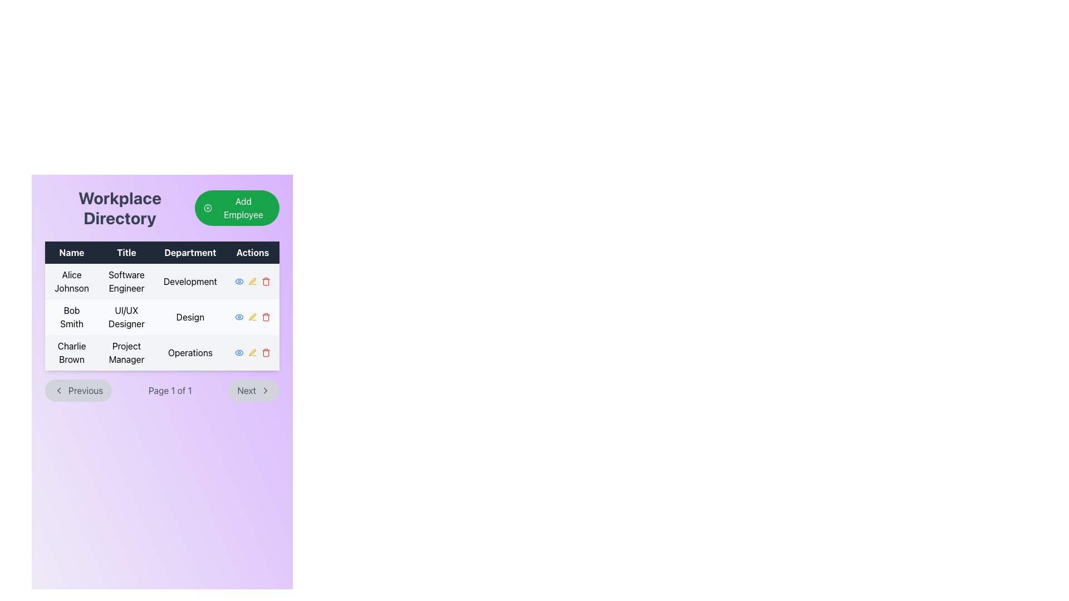  Describe the element at coordinates (58, 390) in the screenshot. I see `the leftward-pointing chevron icon that is part of the 'Previous' button` at that location.